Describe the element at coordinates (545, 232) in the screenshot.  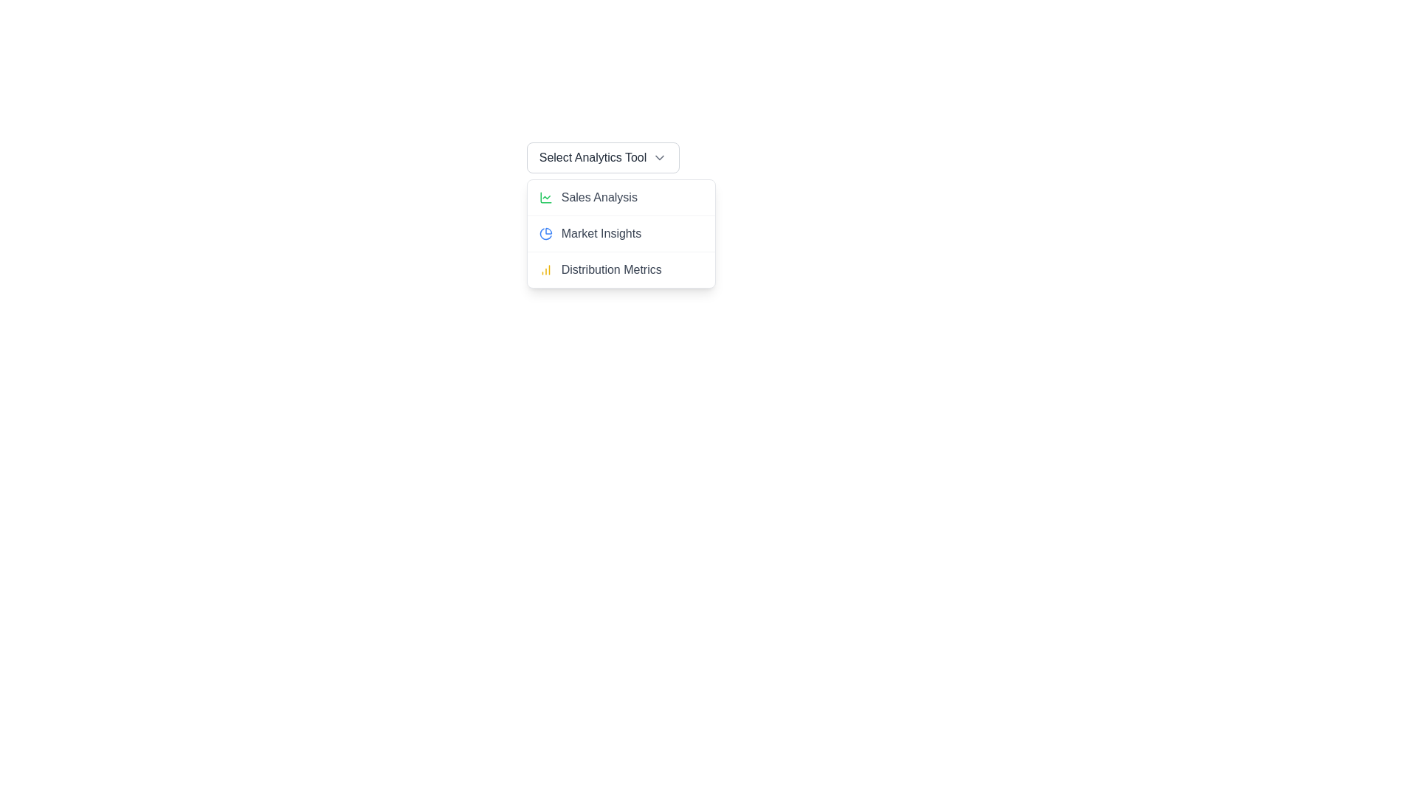
I see `the 'Market Insights' icon located within the dropdown menu, which is the second entry's icon, positioned to the left of the text label` at that location.